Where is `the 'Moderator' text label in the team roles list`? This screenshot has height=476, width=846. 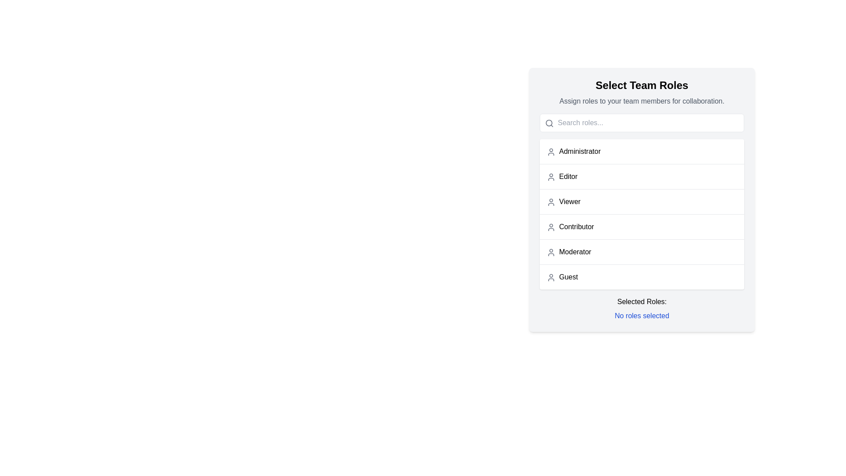
the 'Moderator' text label in the team roles list is located at coordinates (569, 252).